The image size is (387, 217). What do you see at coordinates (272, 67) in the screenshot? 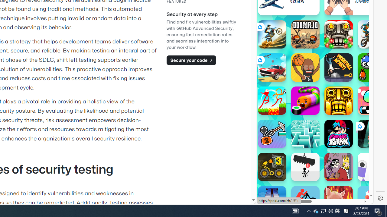
I see `'Stunt Paradise'` at bounding box center [272, 67].